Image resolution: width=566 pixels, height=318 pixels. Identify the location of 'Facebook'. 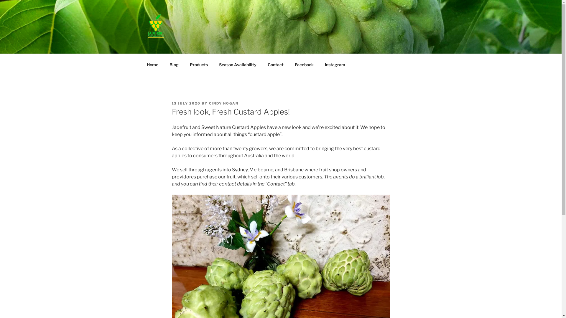
(304, 64).